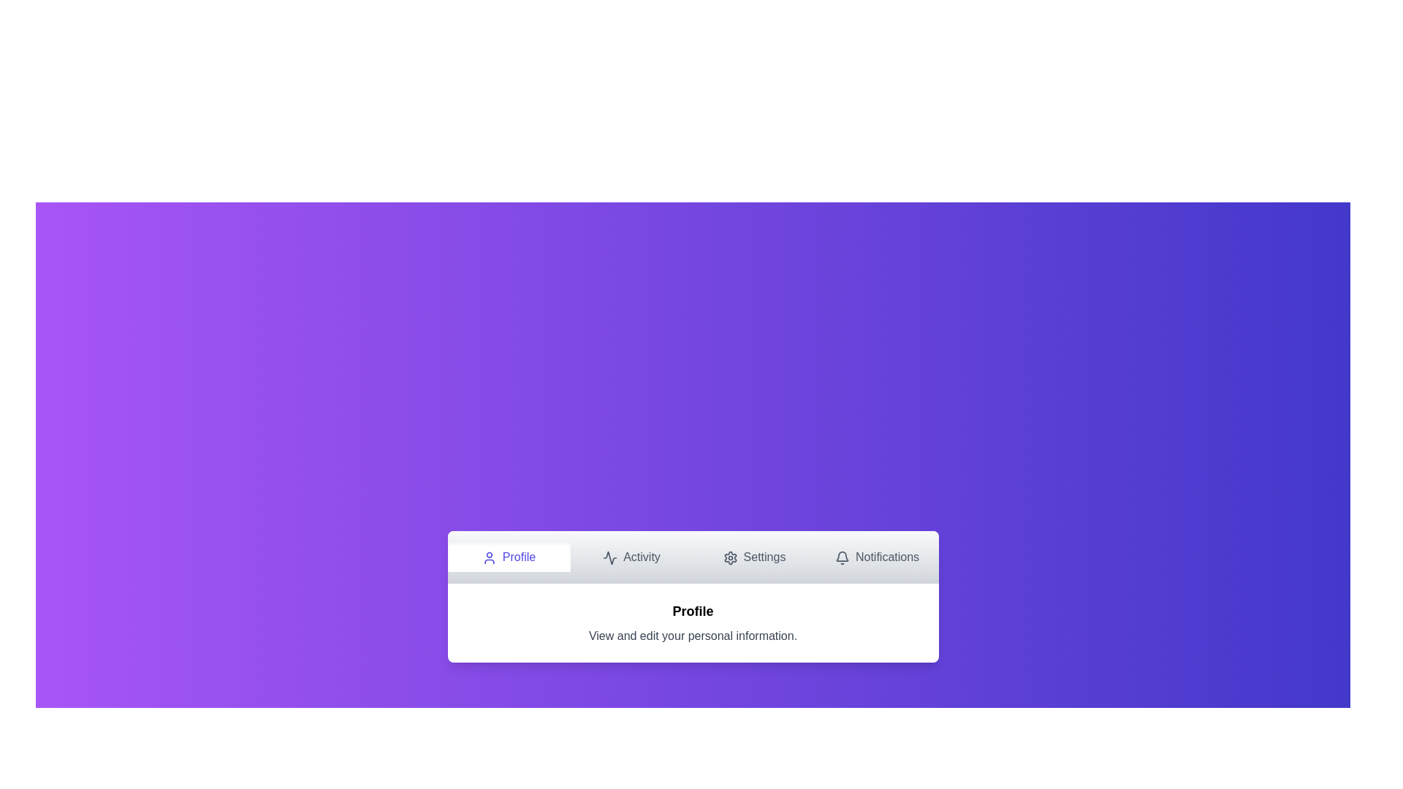  Describe the element at coordinates (754, 557) in the screenshot. I see `the Settings tab by clicking on its navigation button` at that location.